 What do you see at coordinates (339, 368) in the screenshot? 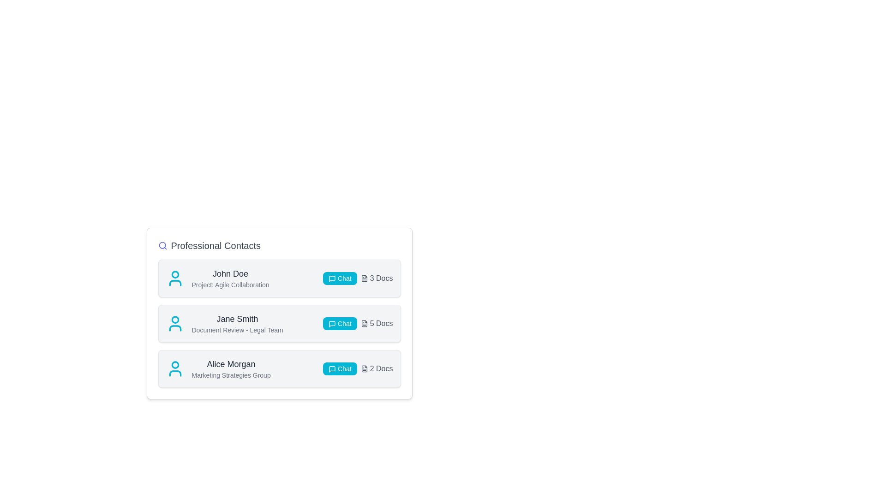
I see `the 'Chat' button for the contact Alice Morgan` at bounding box center [339, 368].